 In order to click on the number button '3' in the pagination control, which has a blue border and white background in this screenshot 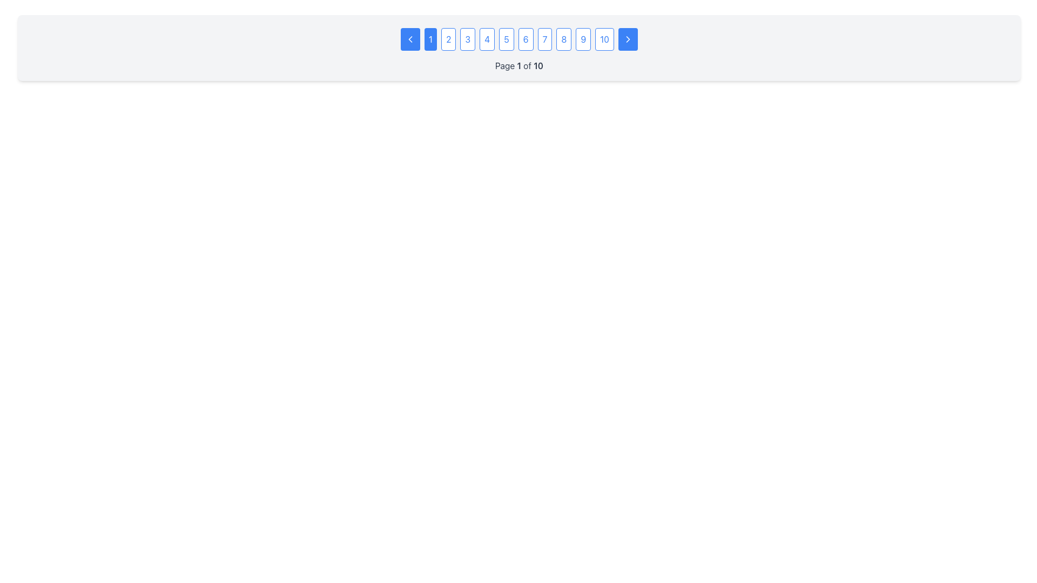, I will do `click(468, 39)`.